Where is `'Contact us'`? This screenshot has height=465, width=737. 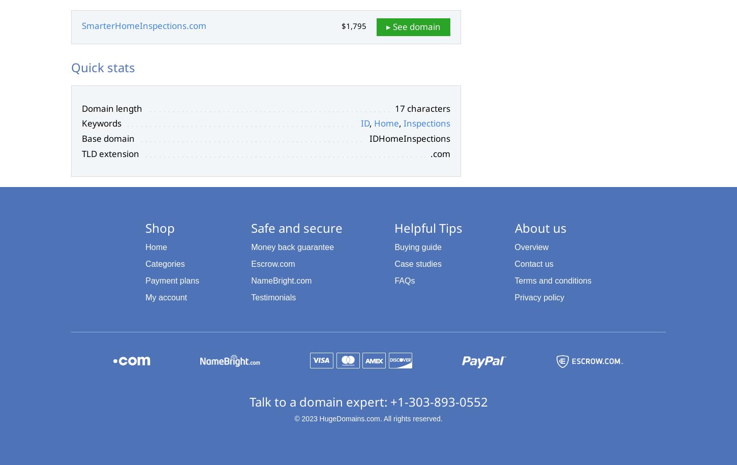
'Contact us' is located at coordinates (534, 264).